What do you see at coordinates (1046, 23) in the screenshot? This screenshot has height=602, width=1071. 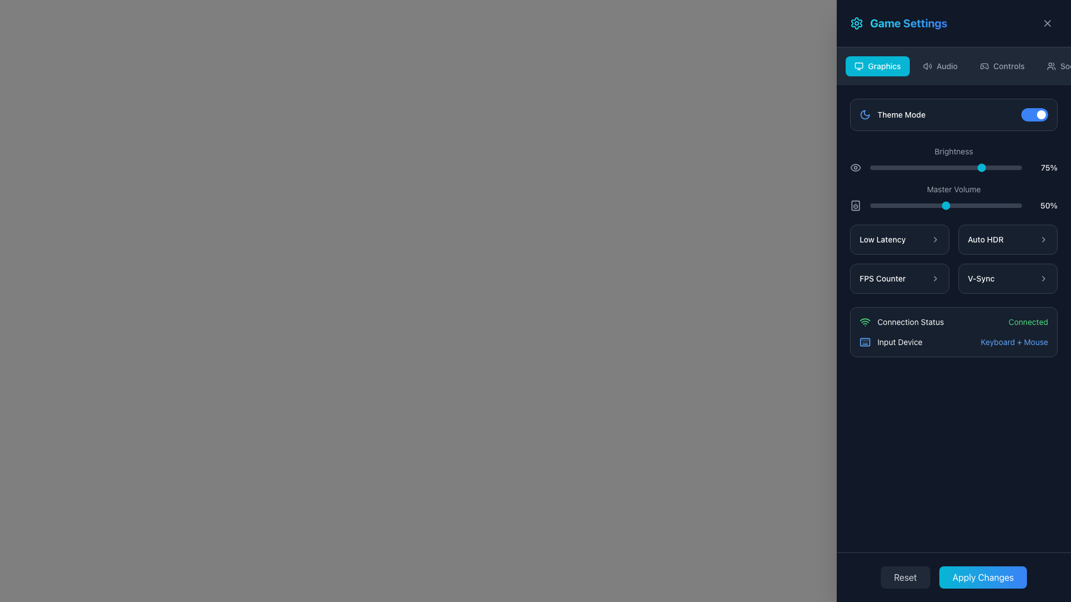 I see `the Close button, represented as a small 'X' icon in the top-right corner of the settings panel` at bounding box center [1046, 23].